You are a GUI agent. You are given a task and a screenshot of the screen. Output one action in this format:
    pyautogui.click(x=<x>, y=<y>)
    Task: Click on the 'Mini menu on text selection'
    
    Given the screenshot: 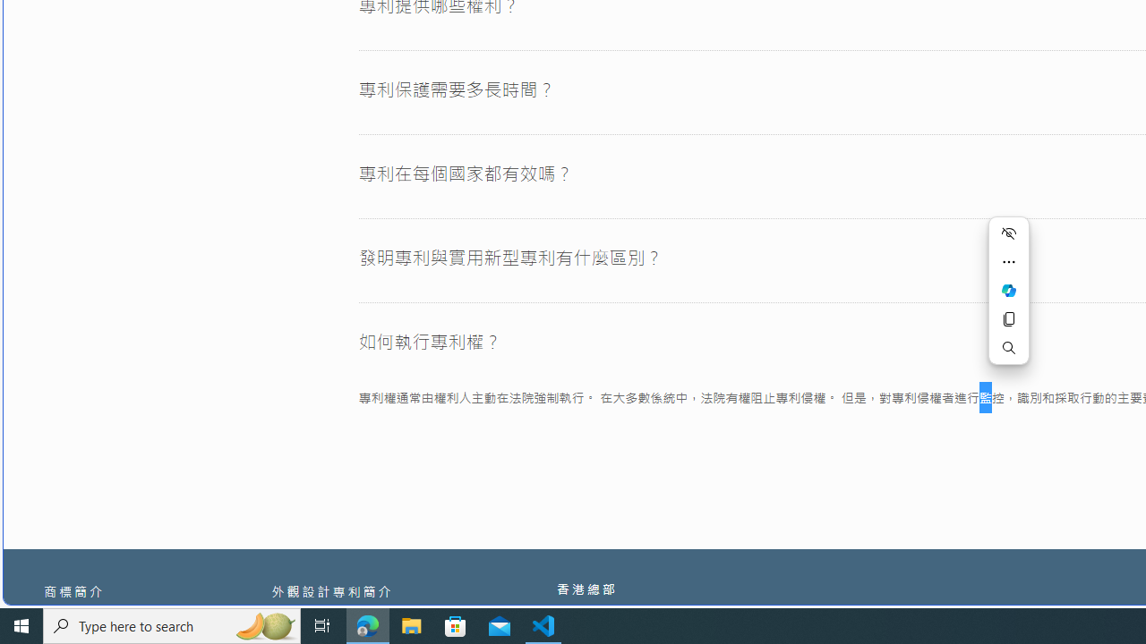 What is the action you would take?
    pyautogui.click(x=1009, y=290)
    